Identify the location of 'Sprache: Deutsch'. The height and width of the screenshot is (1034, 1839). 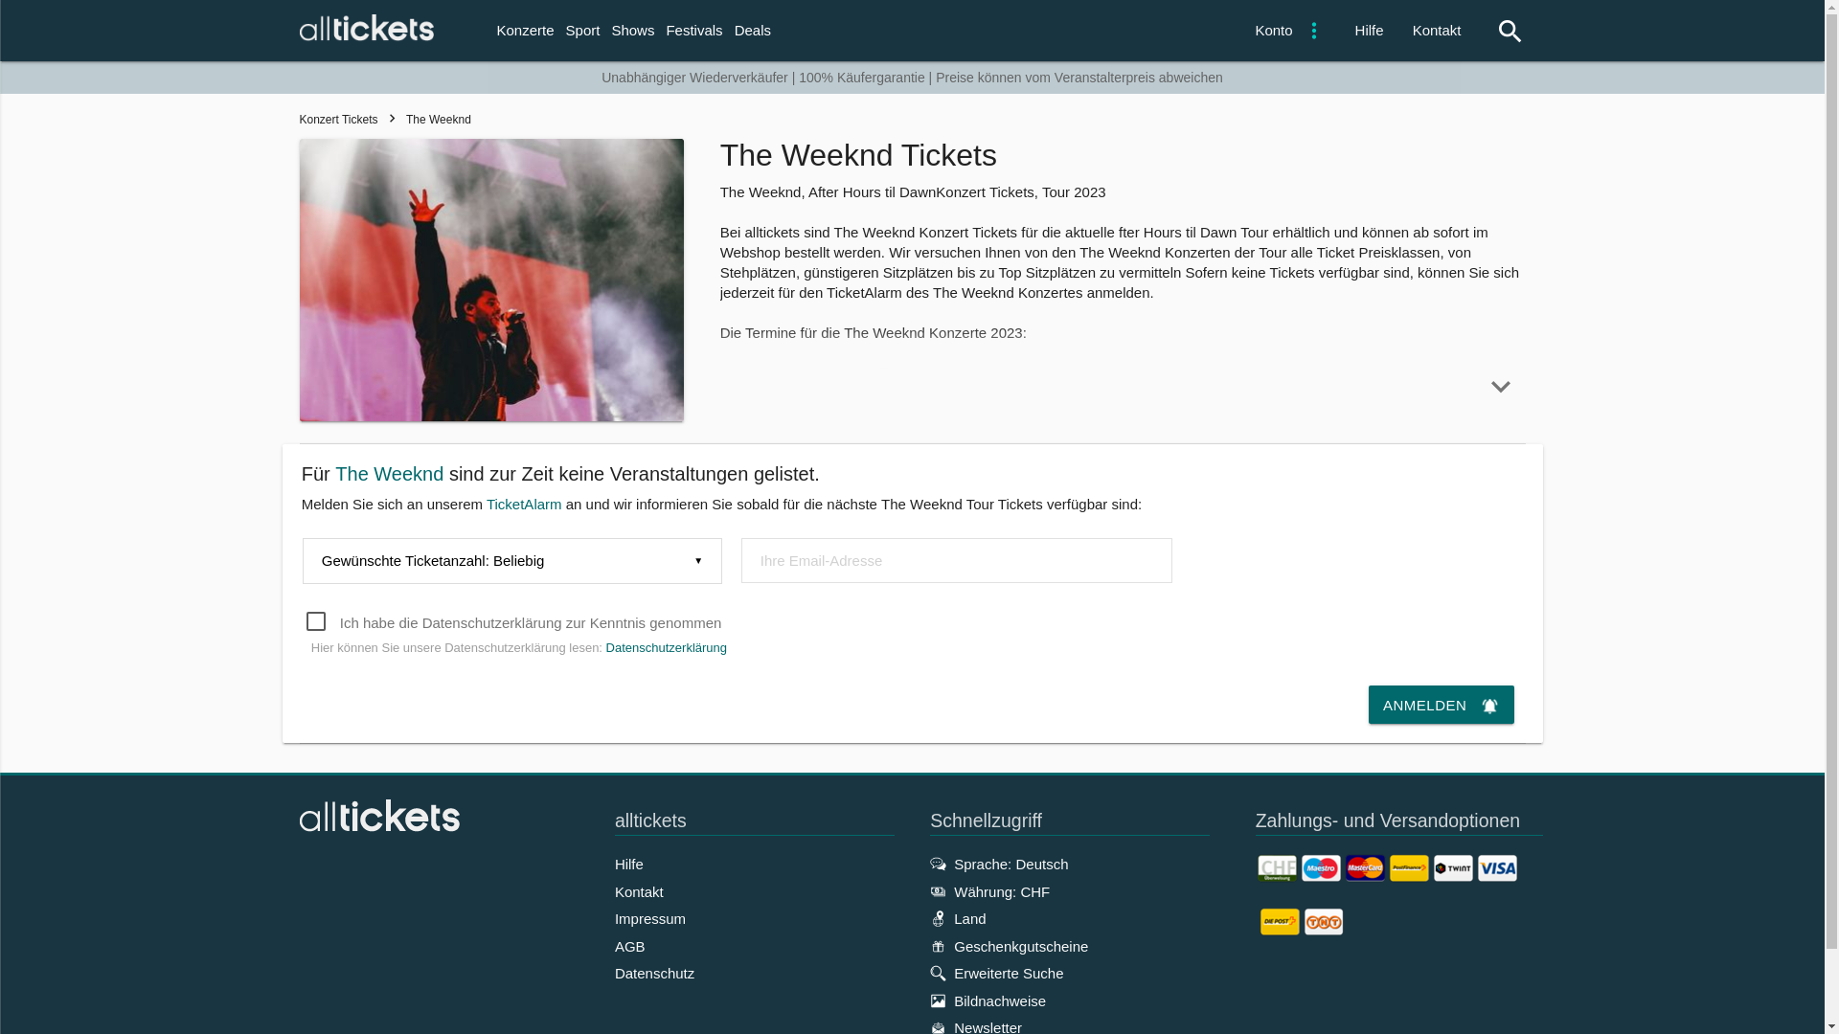
(929, 864).